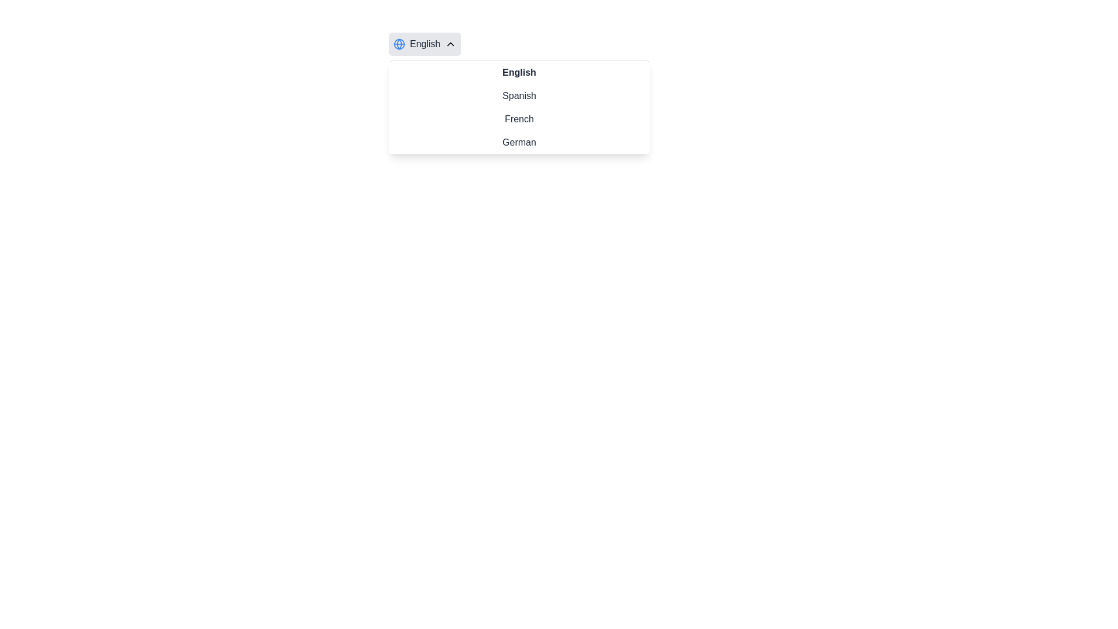  What do you see at coordinates (519, 142) in the screenshot?
I see `the fourth item in the dropdown menu` at bounding box center [519, 142].